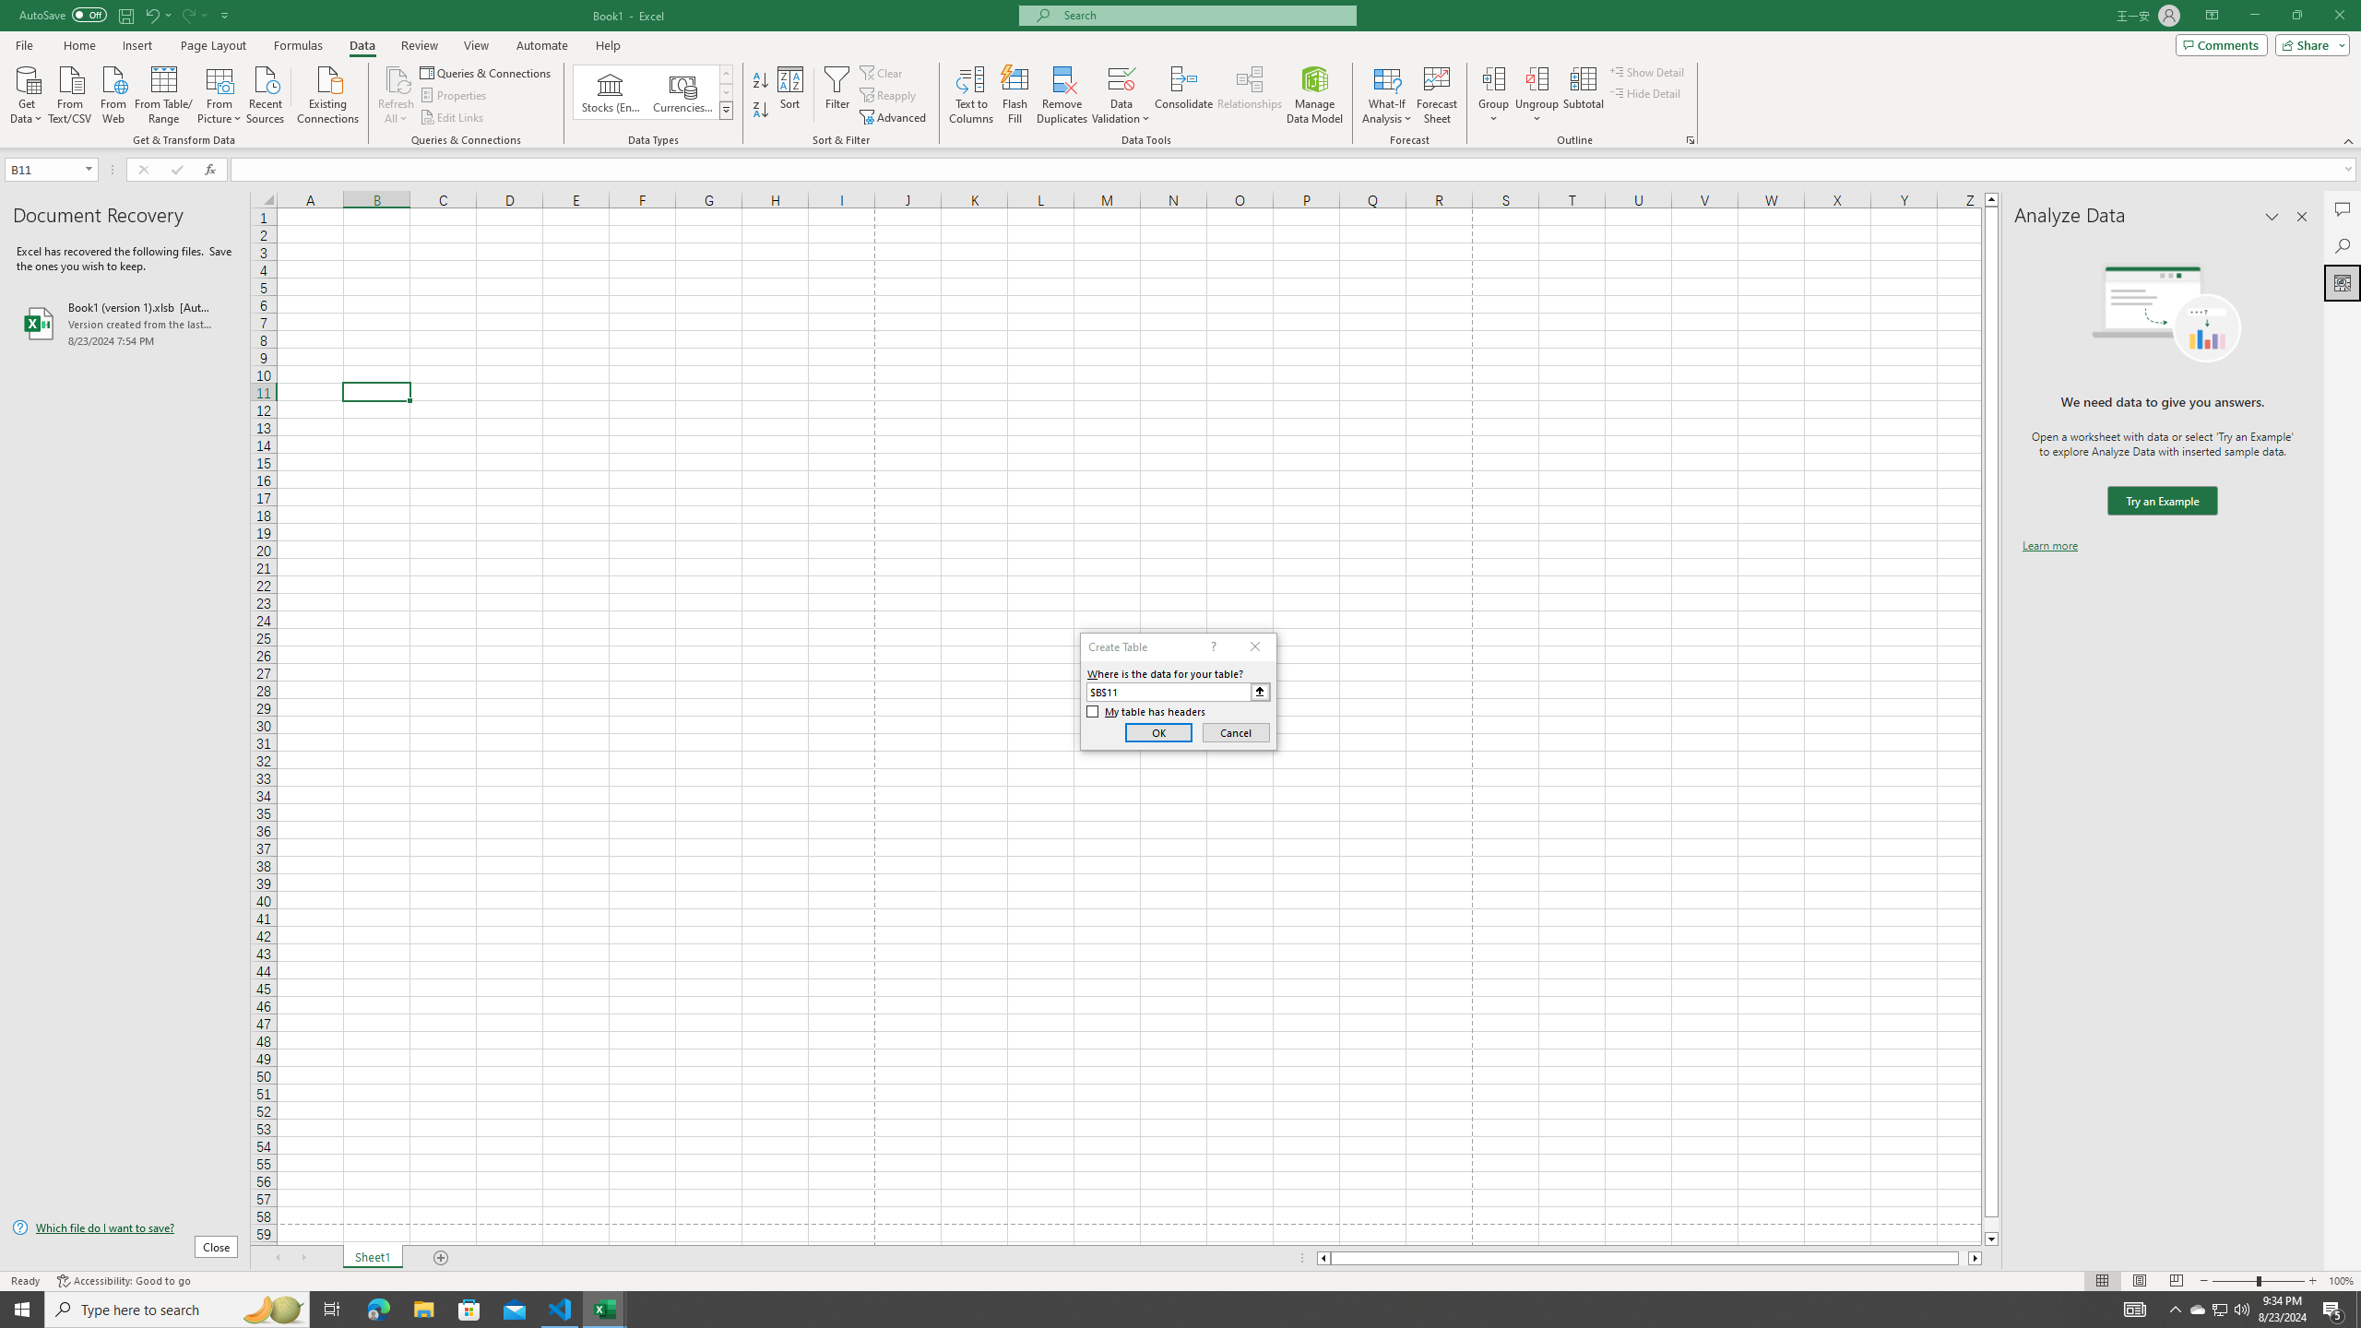 This screenshot has width=2361, height=1328. Describe the element at coordinates (1062, 95) in the screenshot. I see `'Remove Duplicates'` at that location.